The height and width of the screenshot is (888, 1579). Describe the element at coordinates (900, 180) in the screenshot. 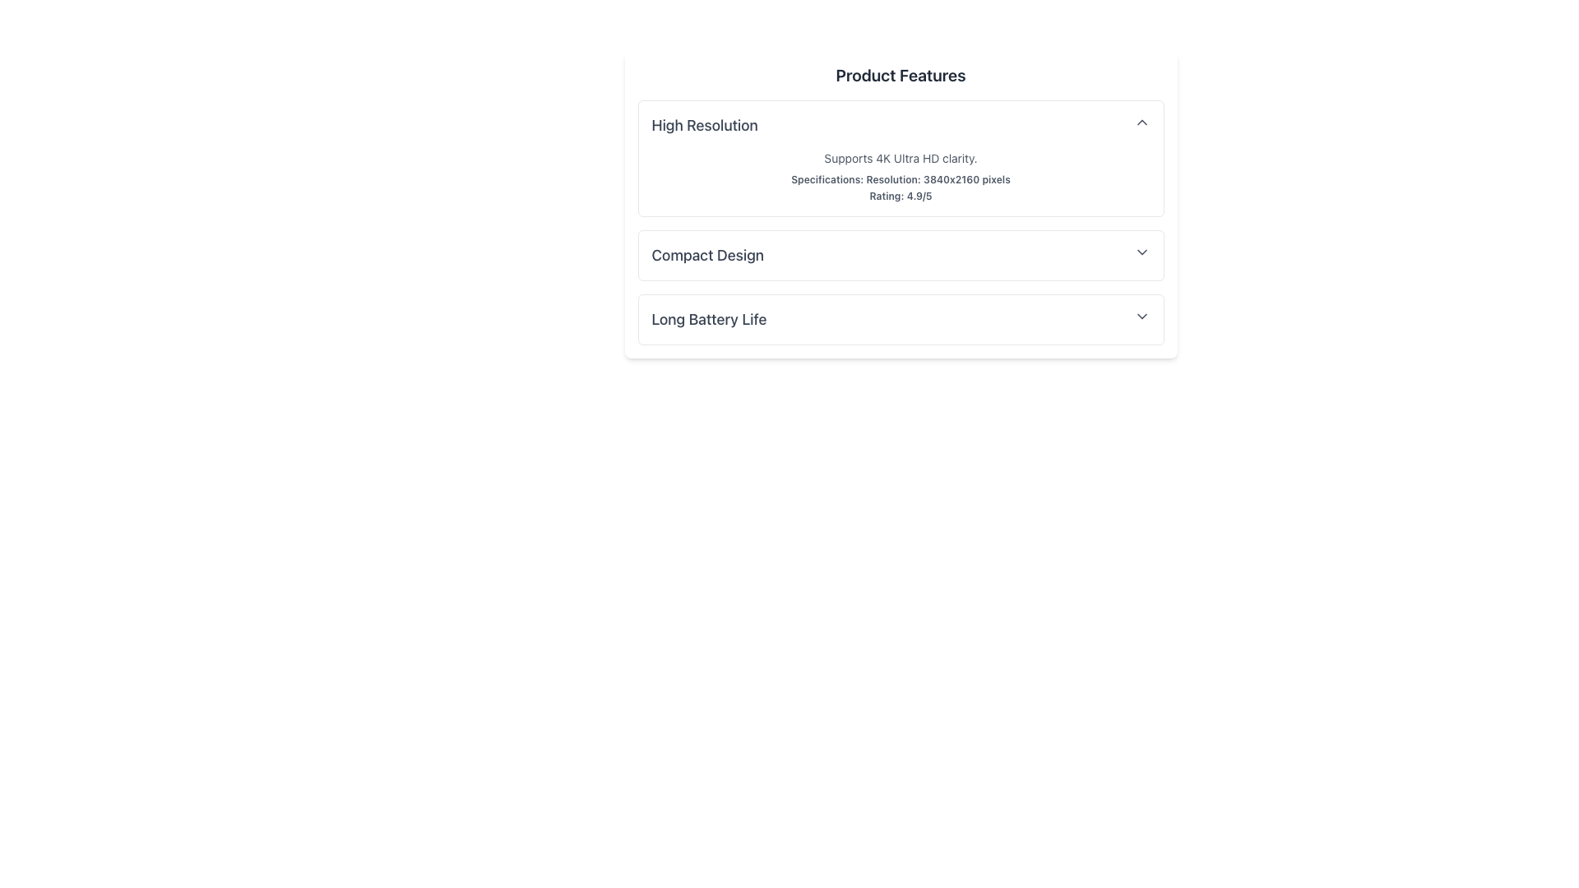

I see `text element providing specifications about the resolution capability of the product, located in the second position among three textual elements within the 'Product Features' section` at that location.